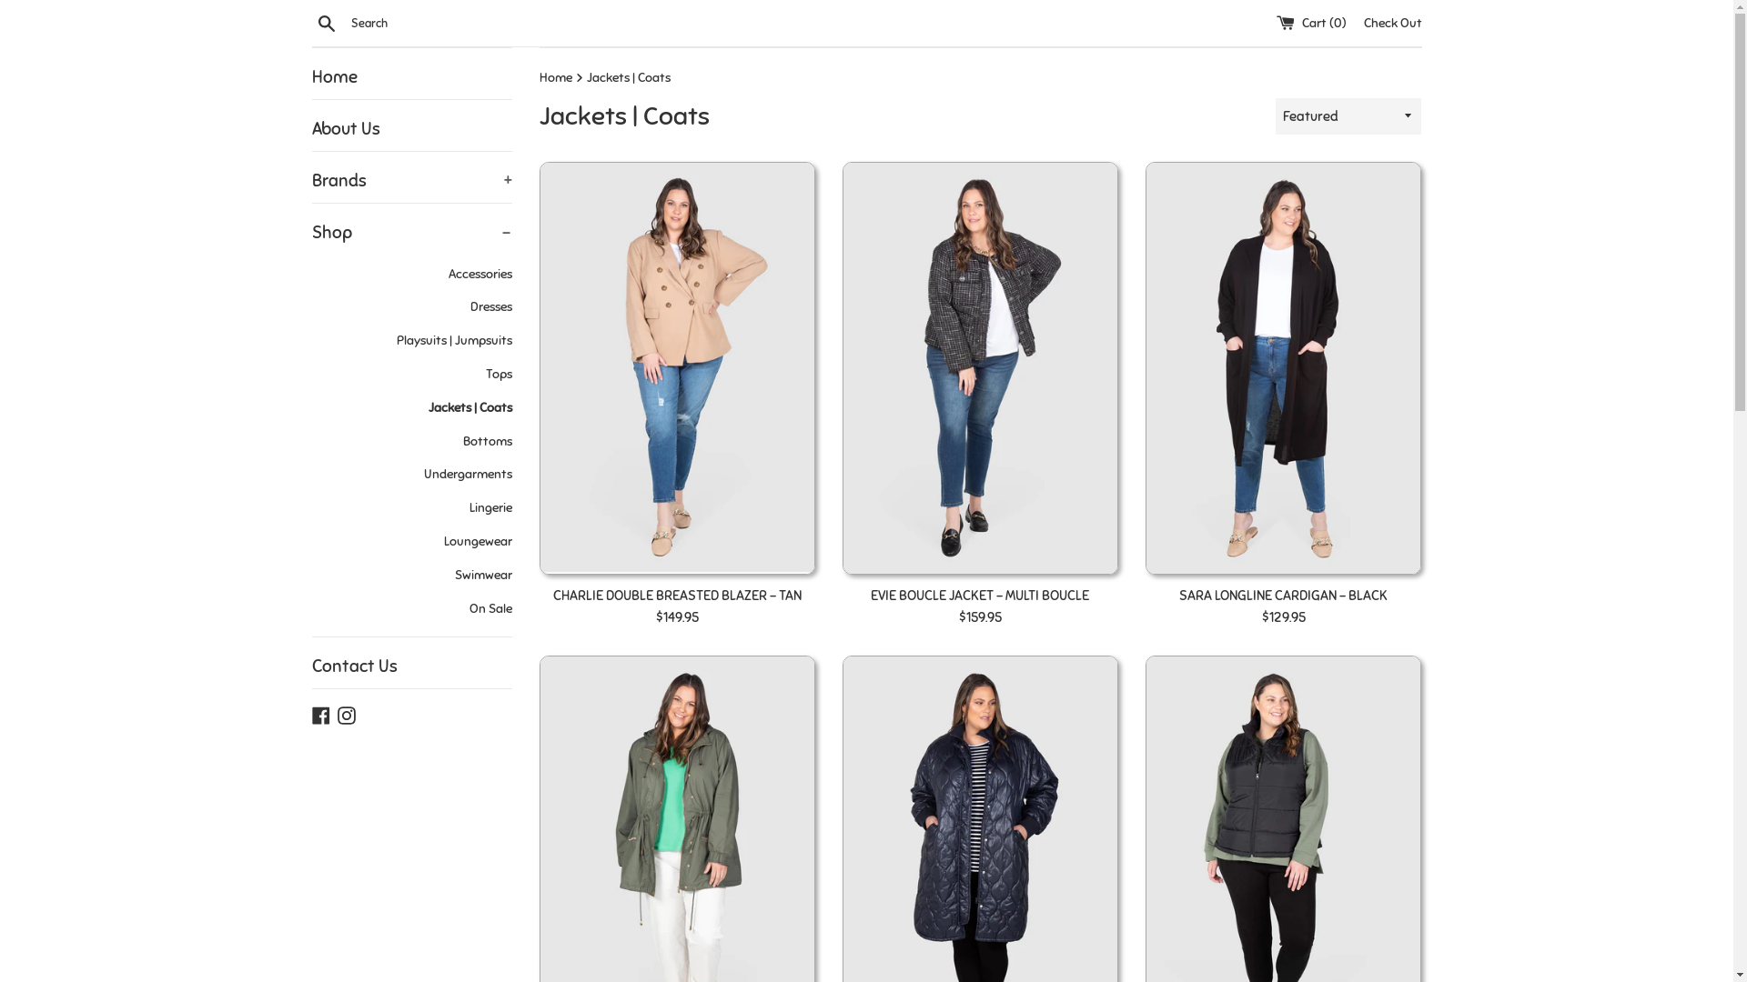  I want to click on 'Dresses', so click(409, 306).